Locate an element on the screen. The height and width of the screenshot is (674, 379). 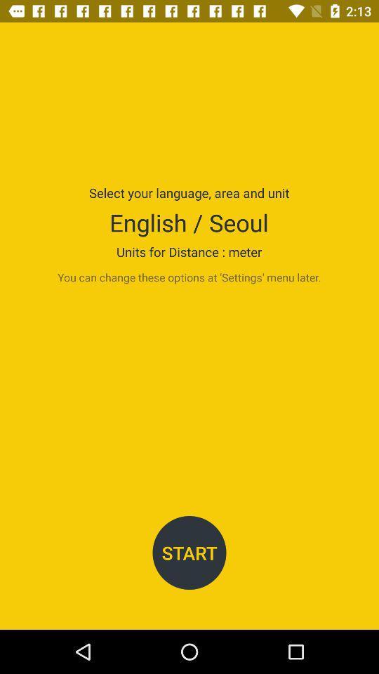
the icon below the you can change is located at coordinates (189, 553).